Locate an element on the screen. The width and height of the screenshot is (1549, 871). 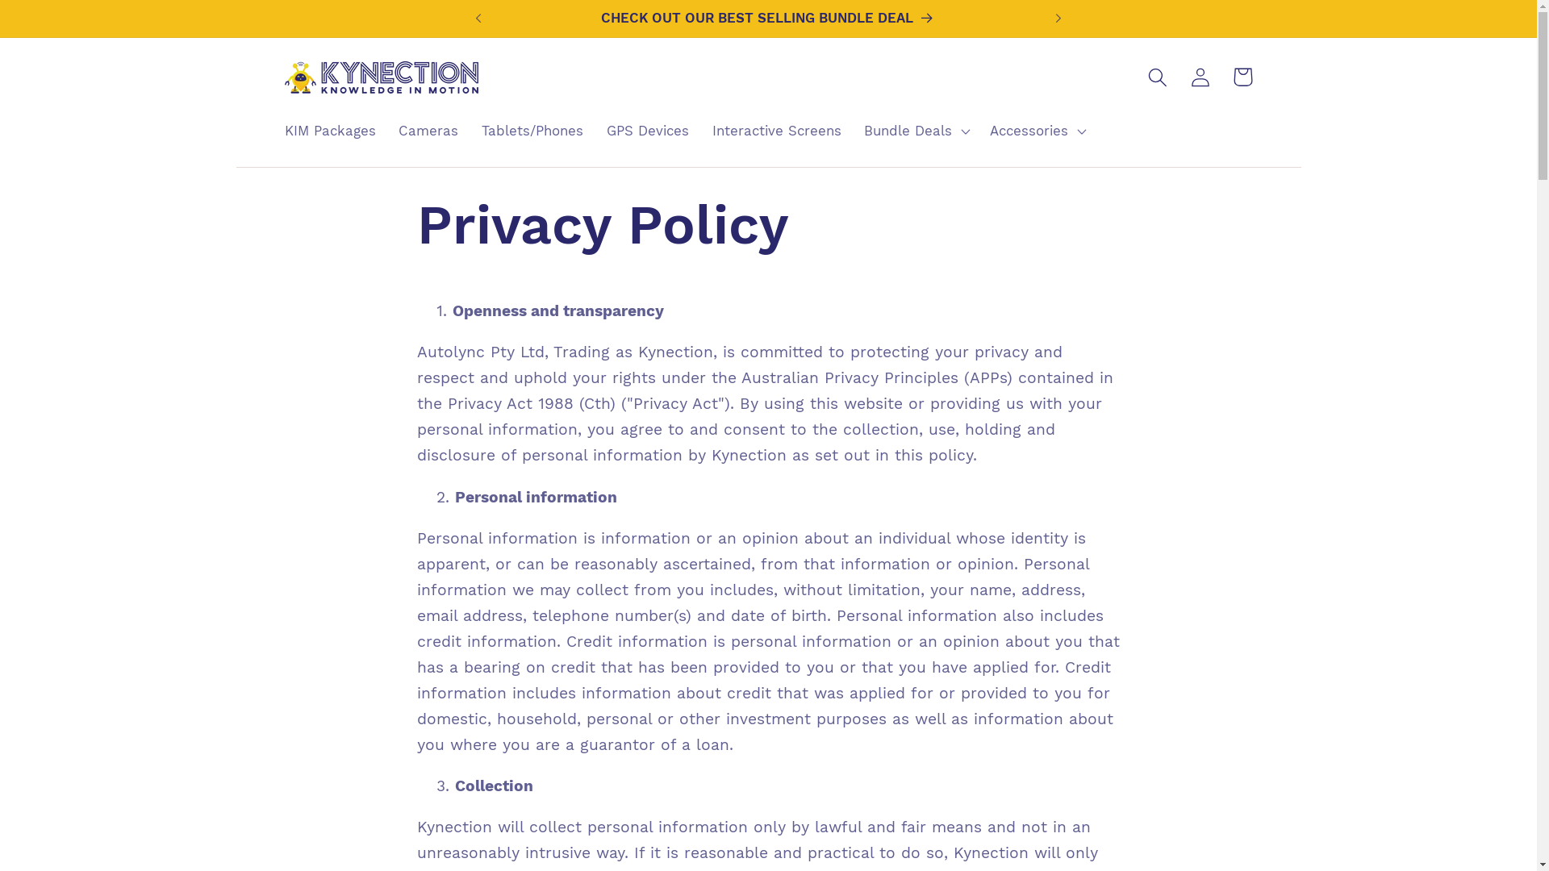
'KIM Packages' is located at coordinates (272, 130).